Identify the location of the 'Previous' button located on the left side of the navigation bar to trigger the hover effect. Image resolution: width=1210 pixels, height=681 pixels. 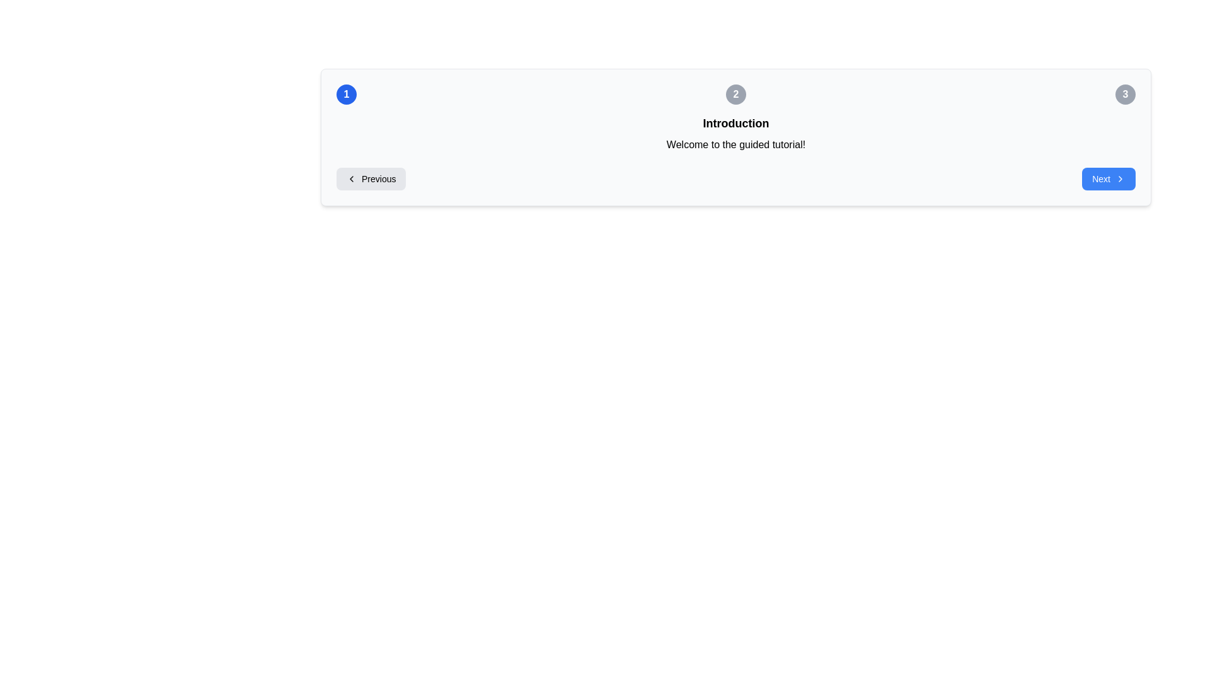
(371, 179).